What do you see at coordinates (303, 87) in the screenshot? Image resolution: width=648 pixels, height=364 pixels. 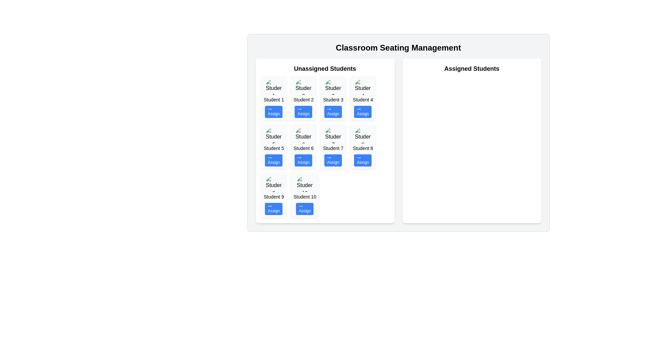 I see `the circular image placeholder labeled 'Stu 2' with a white background and rounded border` at bounding box center [303, 87].